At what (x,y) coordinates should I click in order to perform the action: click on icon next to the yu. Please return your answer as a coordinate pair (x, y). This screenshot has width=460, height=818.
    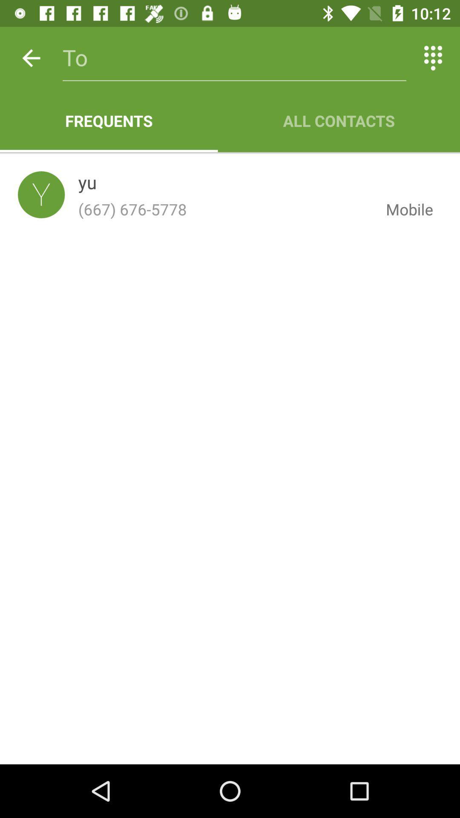
    Looking at the image, I should click on (41, 194).